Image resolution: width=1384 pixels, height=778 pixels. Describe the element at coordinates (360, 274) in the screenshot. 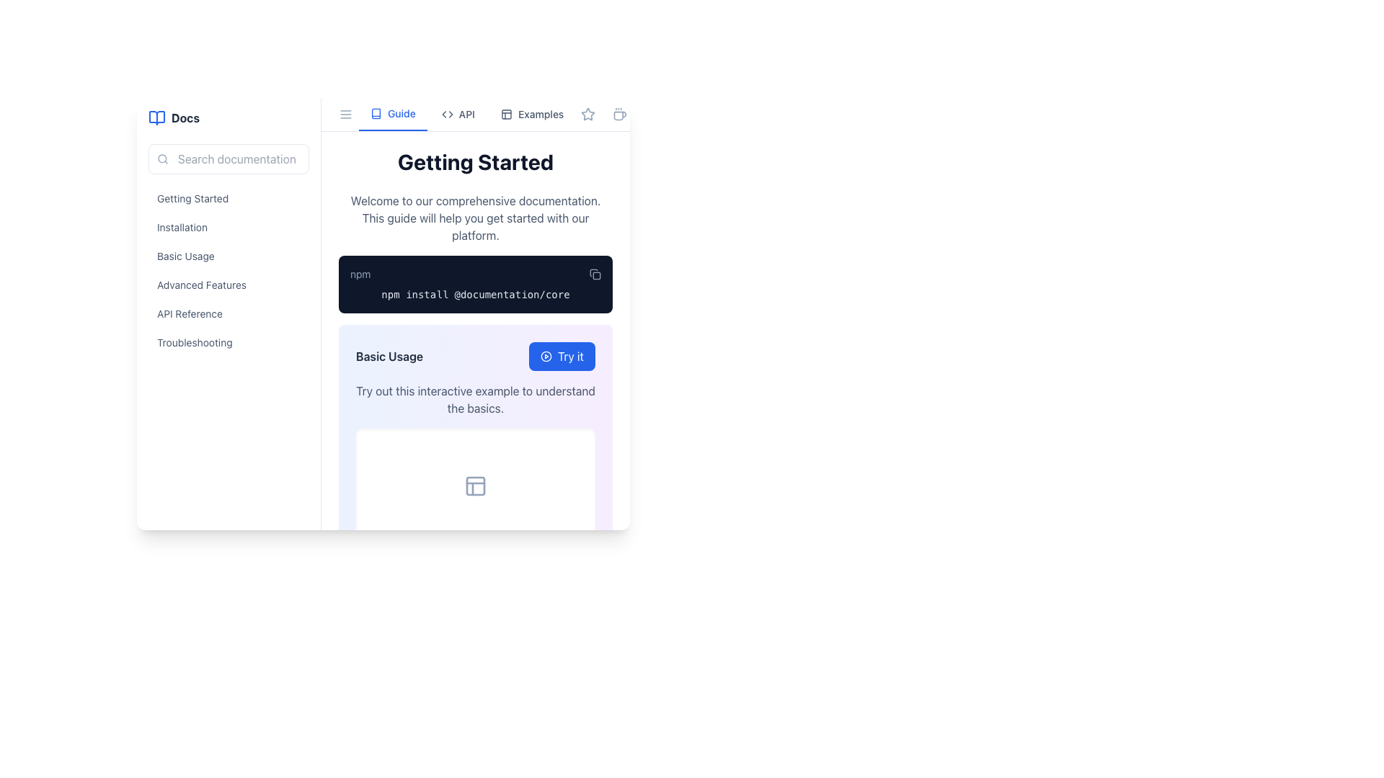

I see `the small lowercase text label displaying 'npm' in light gray color, located at the beginning of the dark background bar below the 'Getting Started' heading` at that location.